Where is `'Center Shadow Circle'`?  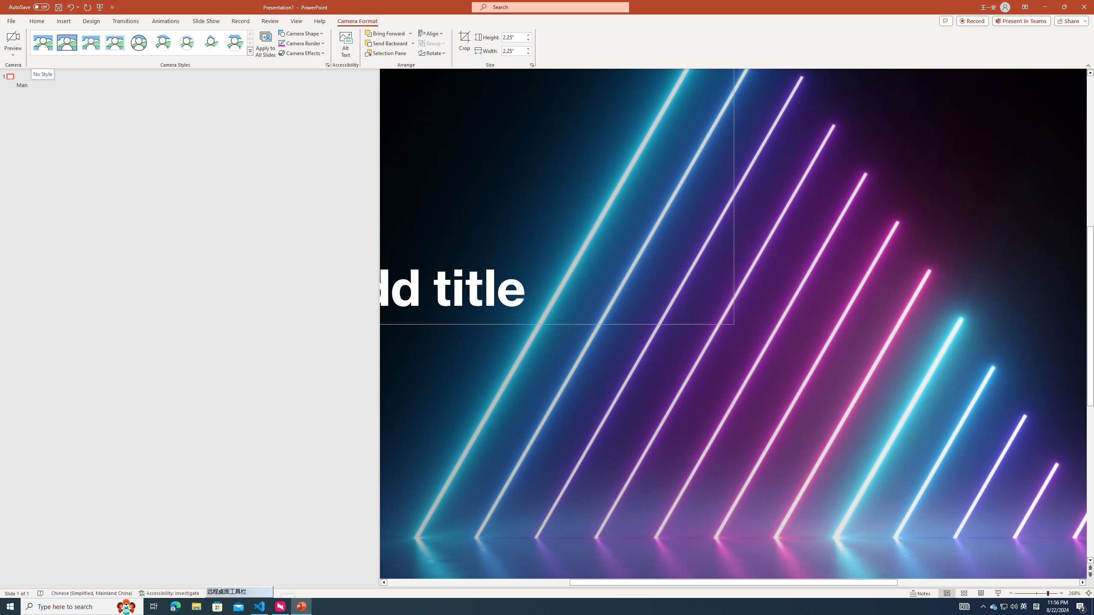
'Center Shadow Circle' is located at coordinates (162, 42).